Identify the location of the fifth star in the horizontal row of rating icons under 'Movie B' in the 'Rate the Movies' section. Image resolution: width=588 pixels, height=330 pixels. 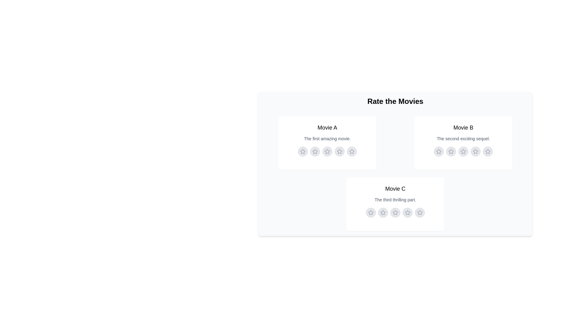
(488, 151).